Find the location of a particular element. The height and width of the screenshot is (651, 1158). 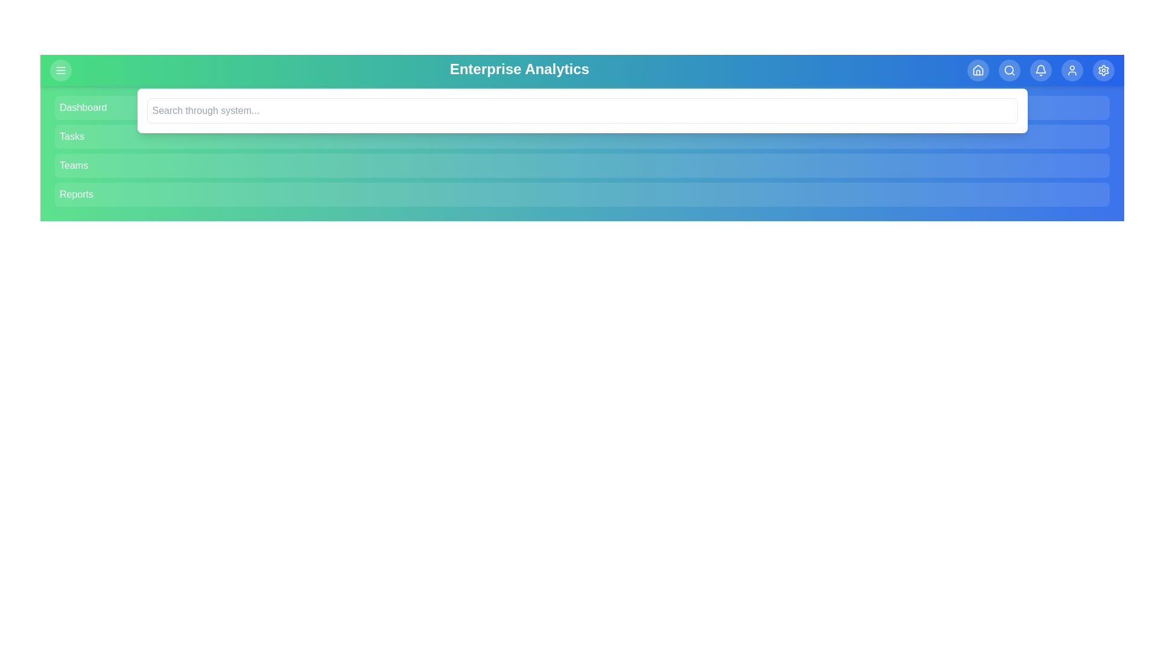

the menu item Reports to navigate to its respective section is located at coordinates (582, 194).